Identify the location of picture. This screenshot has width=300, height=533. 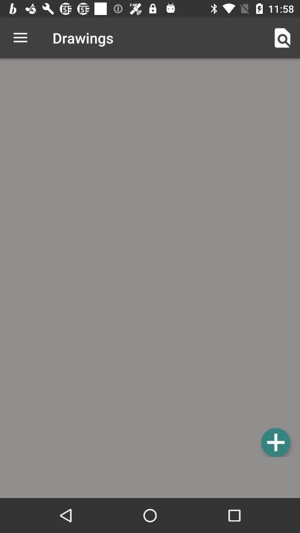
(275, 442).